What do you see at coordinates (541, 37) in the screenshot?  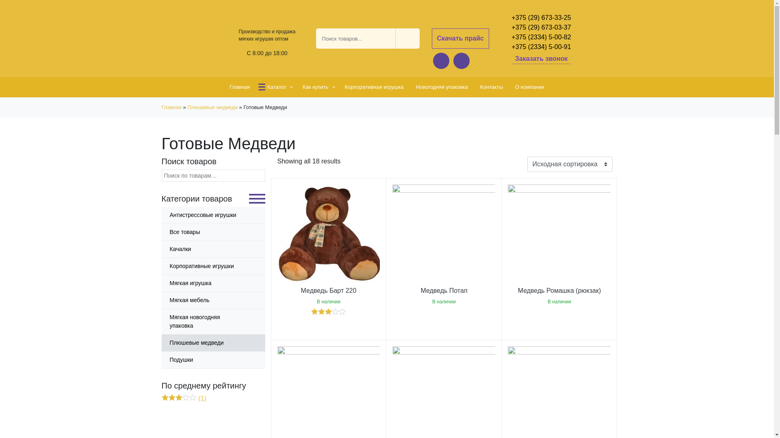 I see `'+375 (2334) 5-00-82'` at bounding box center [541, 37].